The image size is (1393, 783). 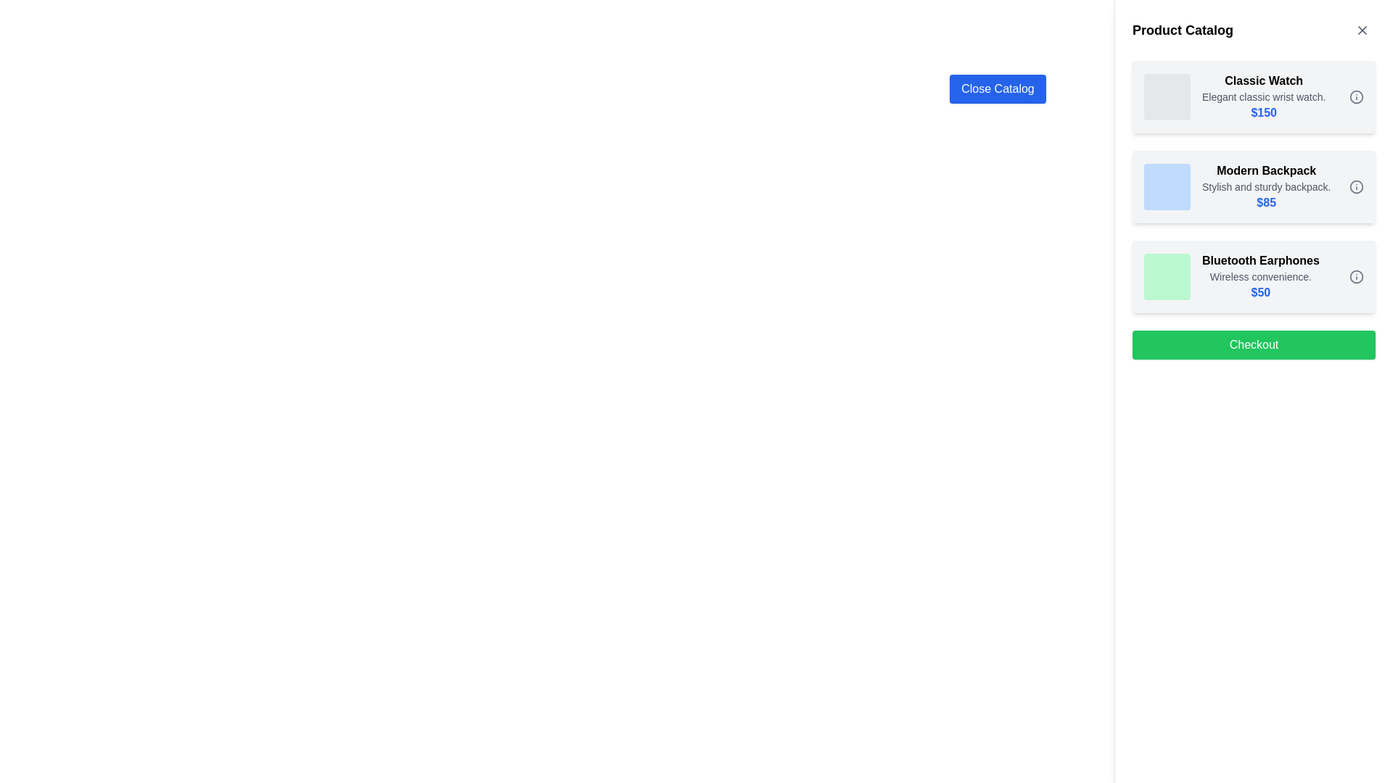 I want to click on the distinct gray circular icon with an outlined border and filled interior located in the top-right corner of the 'Classic Watch' product card, so click(x=1356, y=97).